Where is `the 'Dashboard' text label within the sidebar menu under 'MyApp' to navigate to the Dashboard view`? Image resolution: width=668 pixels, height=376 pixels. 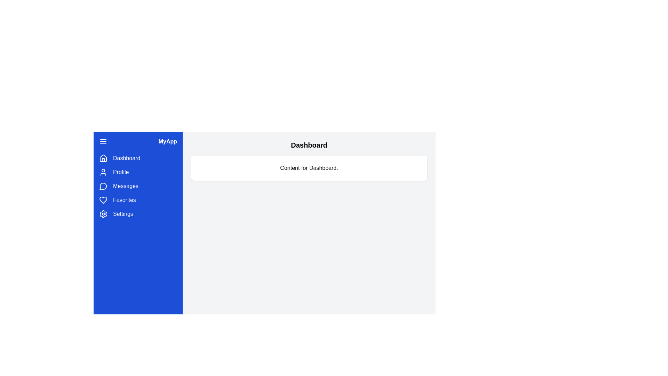 the 'Dashboard' text label within the sidebar menu under 'MyApp' to navigate to the Dashboard view is located at coordinates (127, 158).